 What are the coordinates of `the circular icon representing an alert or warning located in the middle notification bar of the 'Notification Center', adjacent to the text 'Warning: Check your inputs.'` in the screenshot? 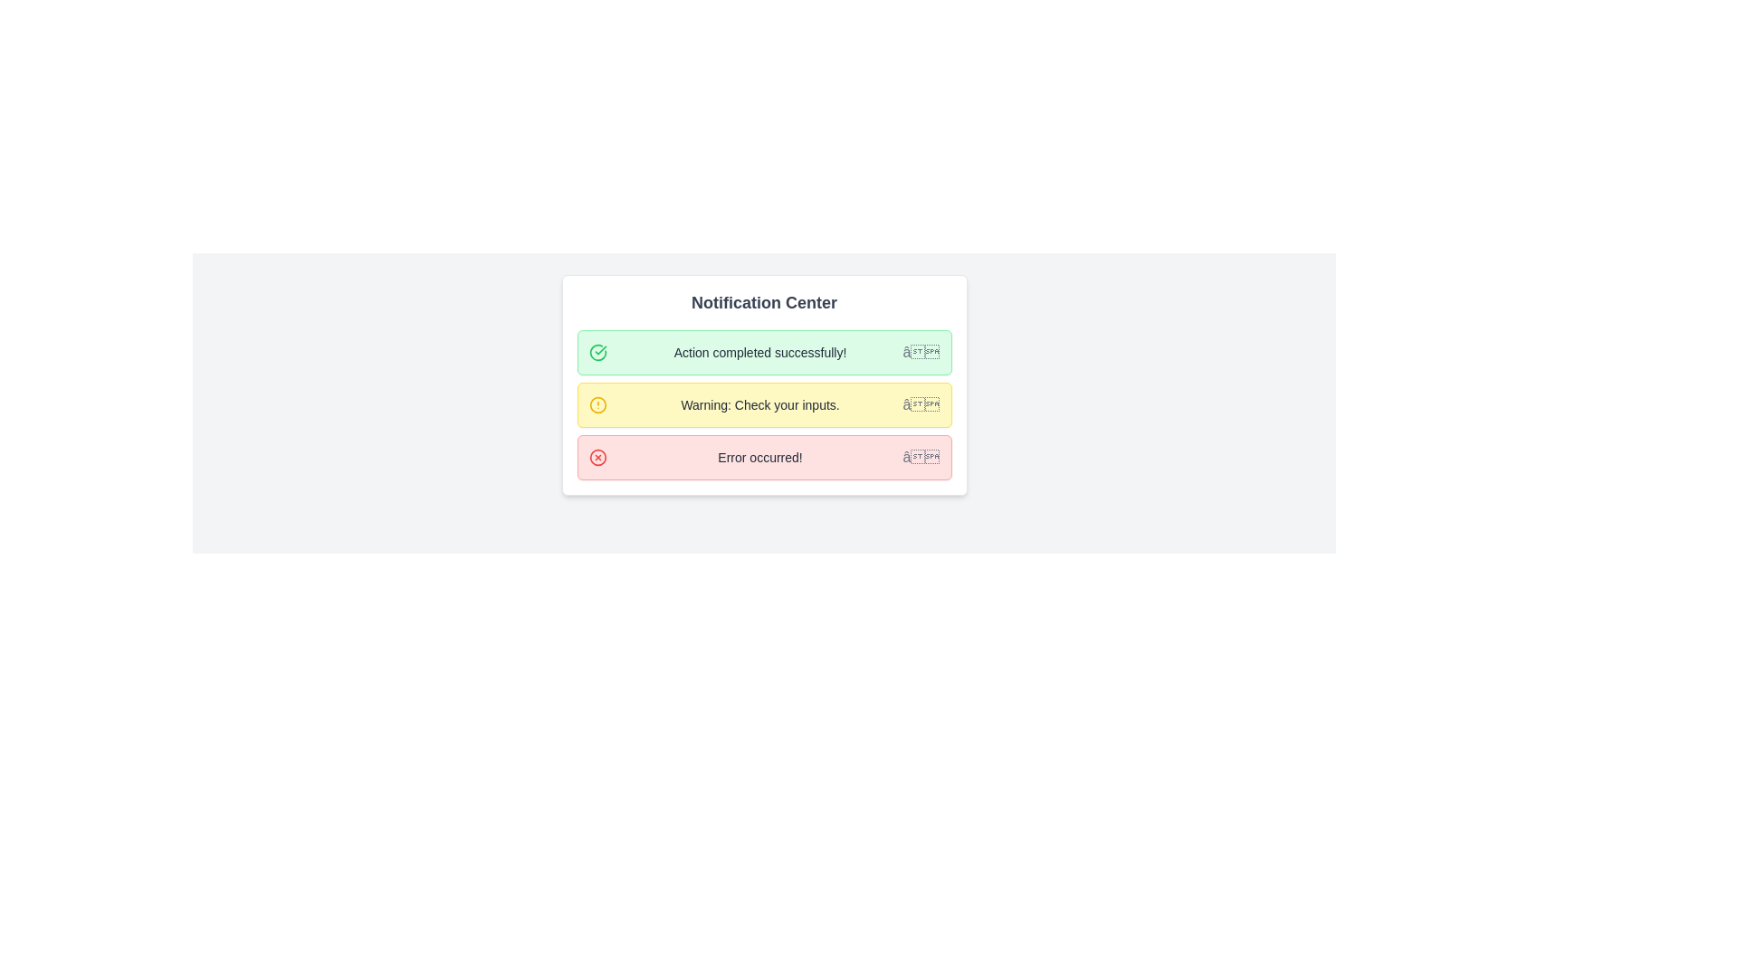 It's located at (597, 403).